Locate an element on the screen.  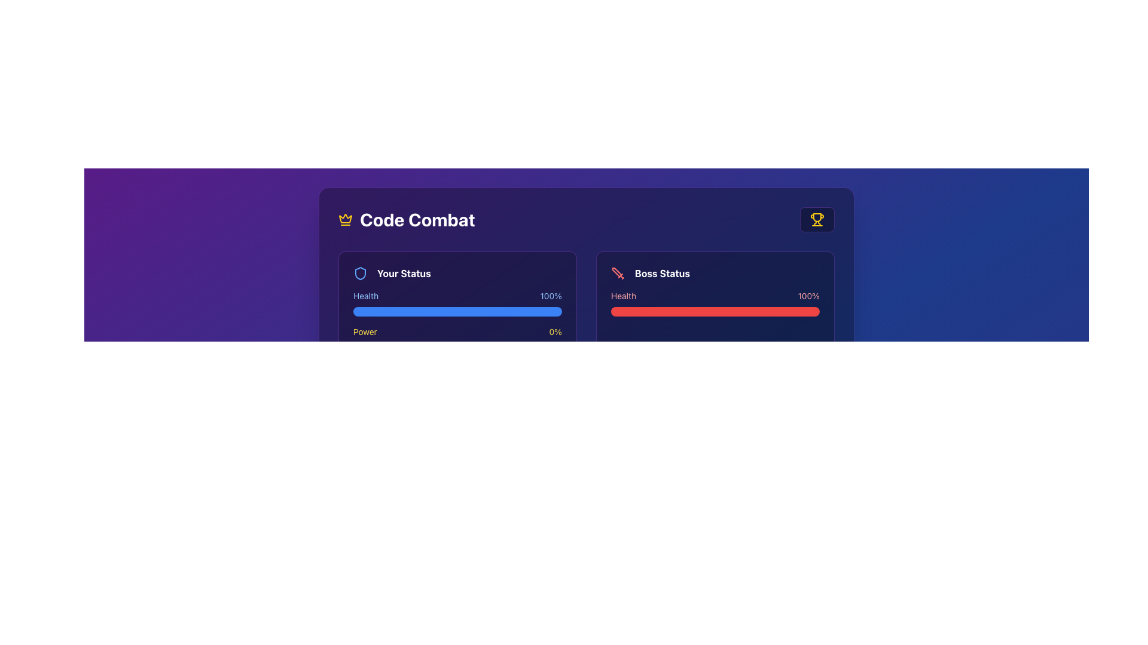
the Status indicator showing power status, located in the second status under 'Your Status', to modify its state using associated controls is located at coordinates (457, 339).